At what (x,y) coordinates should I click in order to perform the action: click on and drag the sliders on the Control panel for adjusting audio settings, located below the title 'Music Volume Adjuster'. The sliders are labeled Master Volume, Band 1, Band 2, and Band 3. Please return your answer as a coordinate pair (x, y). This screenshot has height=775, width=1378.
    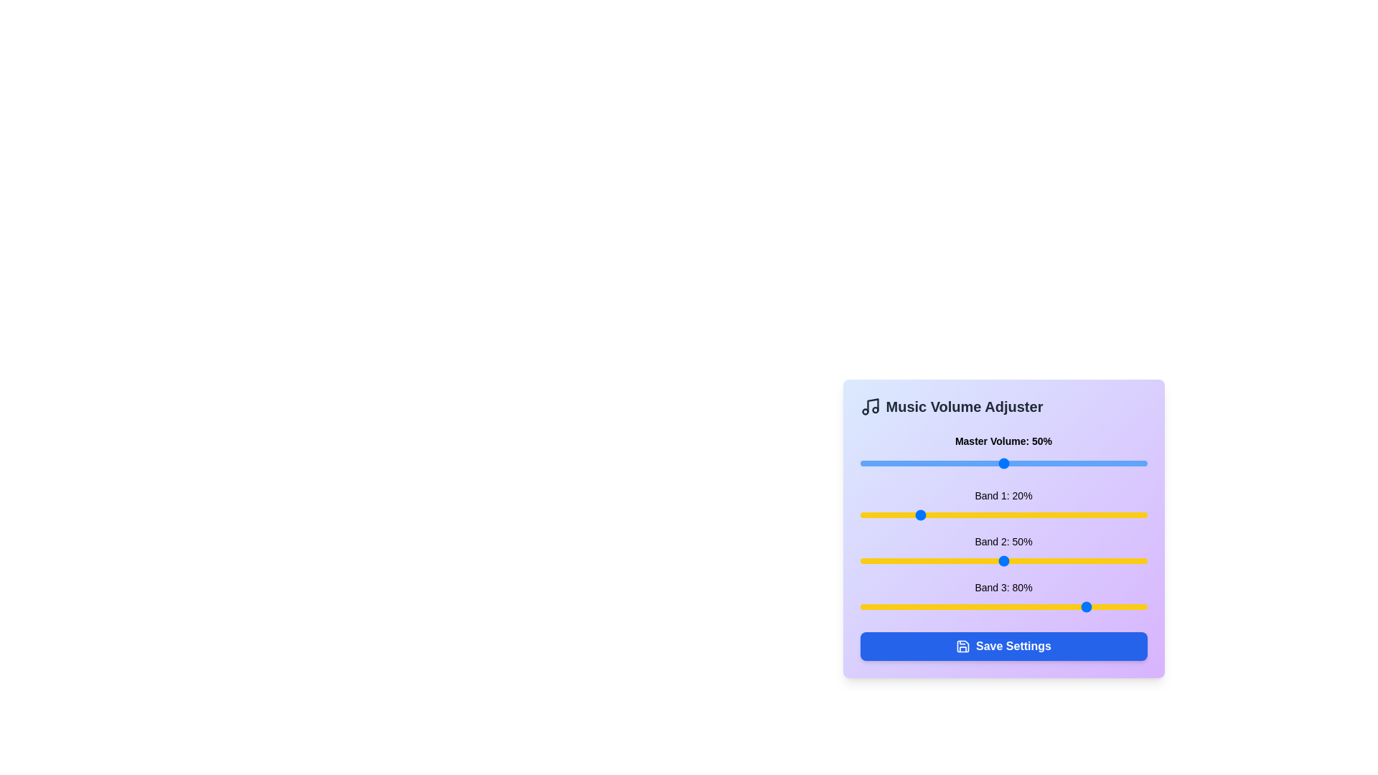
    Looking at the image, I should click on (1003, 528).